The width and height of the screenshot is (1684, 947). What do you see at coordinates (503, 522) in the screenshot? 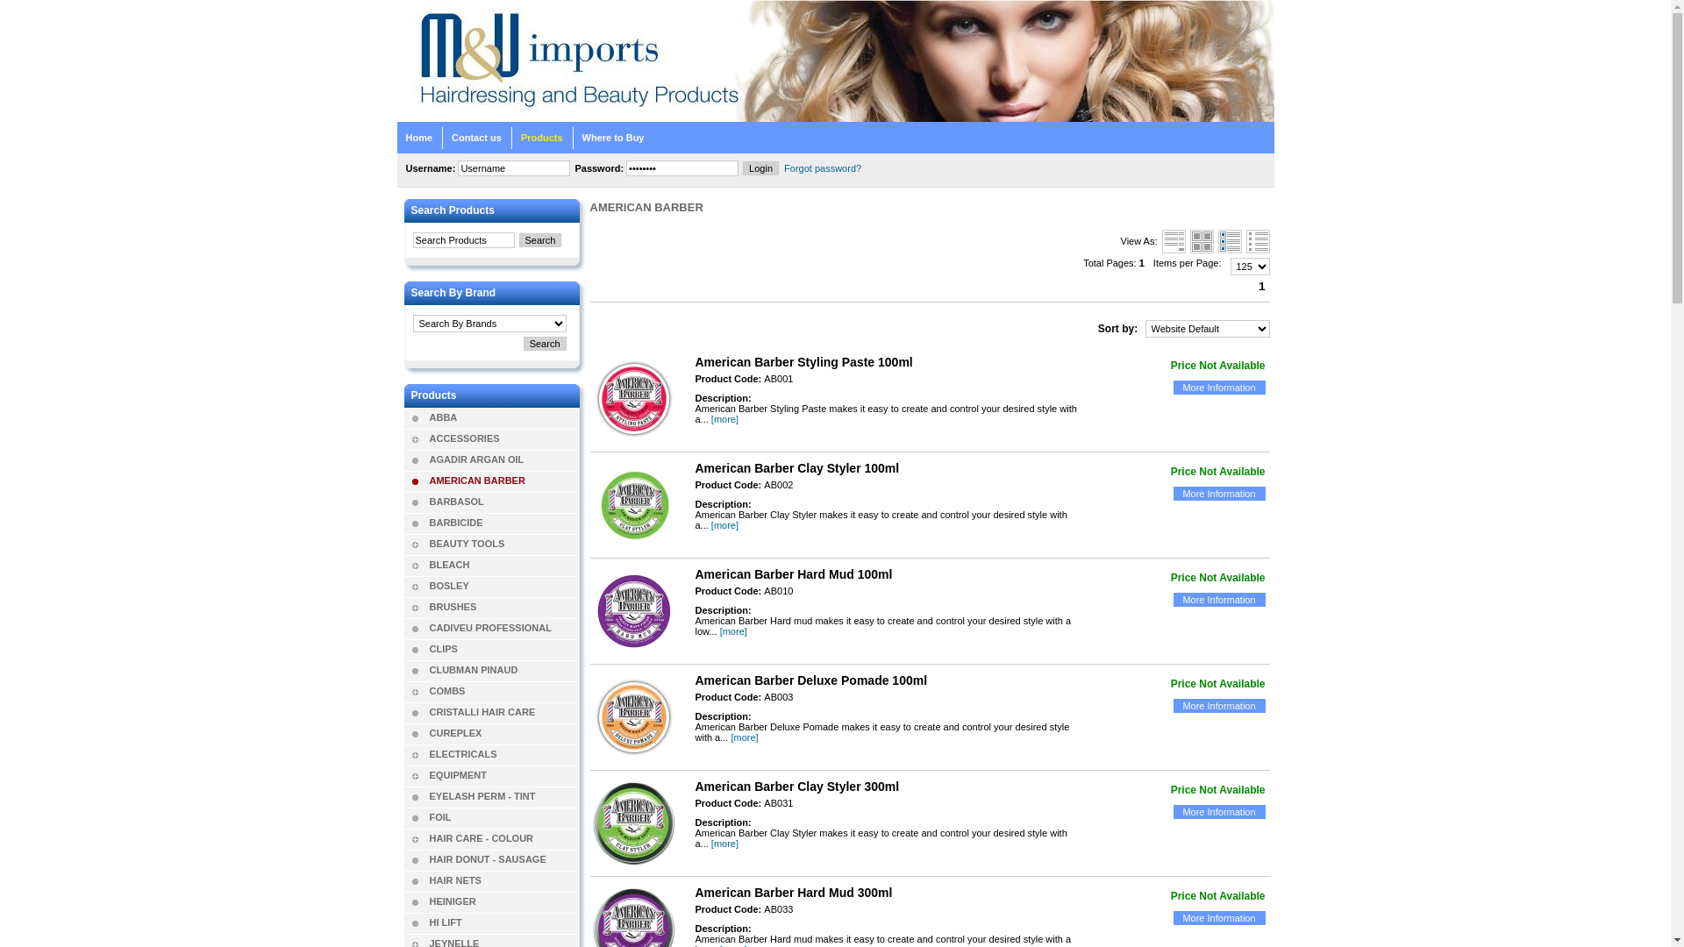
I see `'BARBICIDE'` at bounding box center [503, 522].